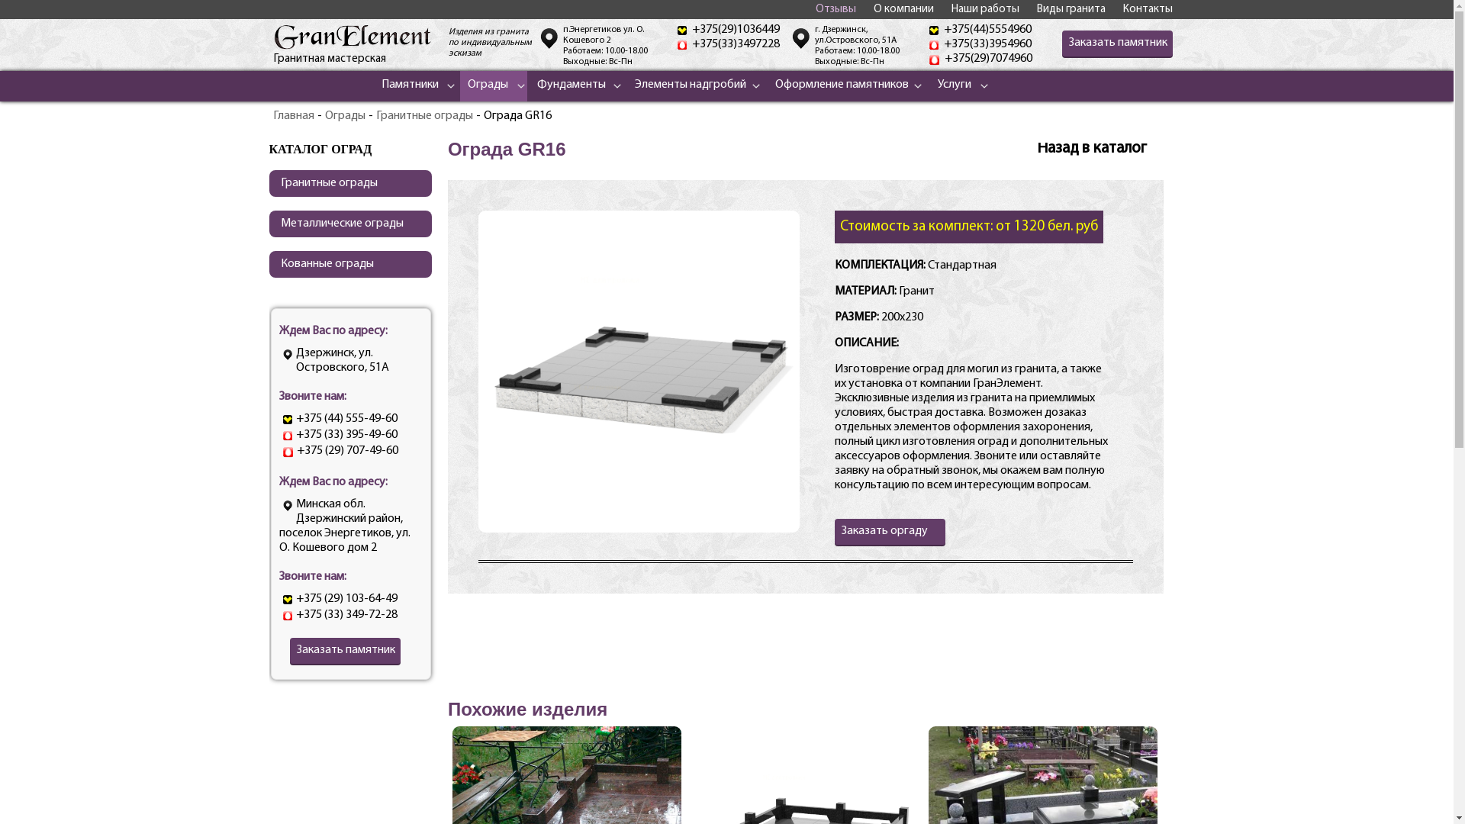  What do you see at coordinates (735, 43) in the screenshot?
I see `'+375(33)3497228'` at bounding box center [735, 43].